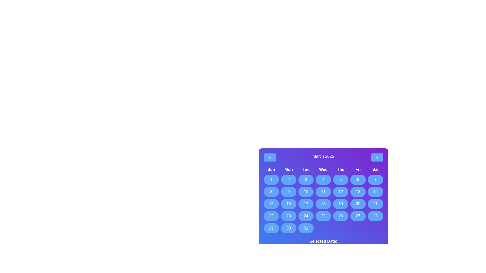 This screenshot has width=486, height=273. What do you see at coordinates (323, 241) in the screenshot?
I see `the text label indicating the selected date in the calendar interface, which is centrally located at the bottom of the calendar` at bounding box center [323, 241].